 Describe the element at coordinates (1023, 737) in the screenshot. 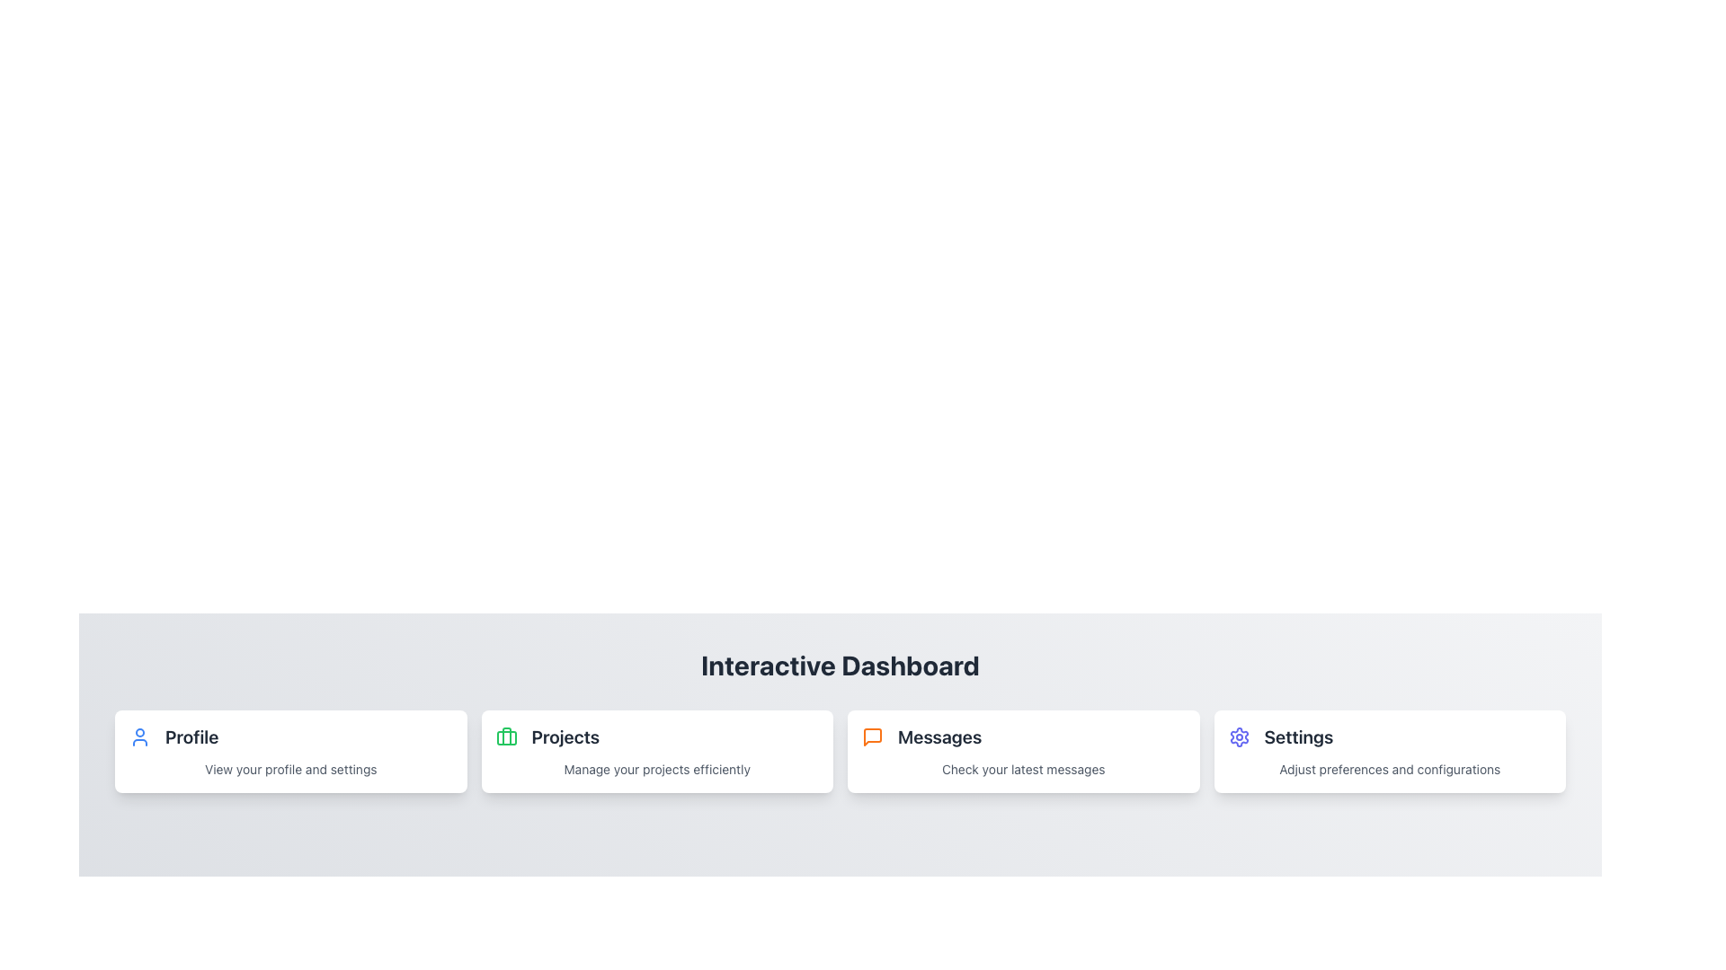

I see `the 'Messages' text label which is styled in bold and large font, located centrally in the 'Messages' card of the dashboard interface for accessibility purposes` at that location.